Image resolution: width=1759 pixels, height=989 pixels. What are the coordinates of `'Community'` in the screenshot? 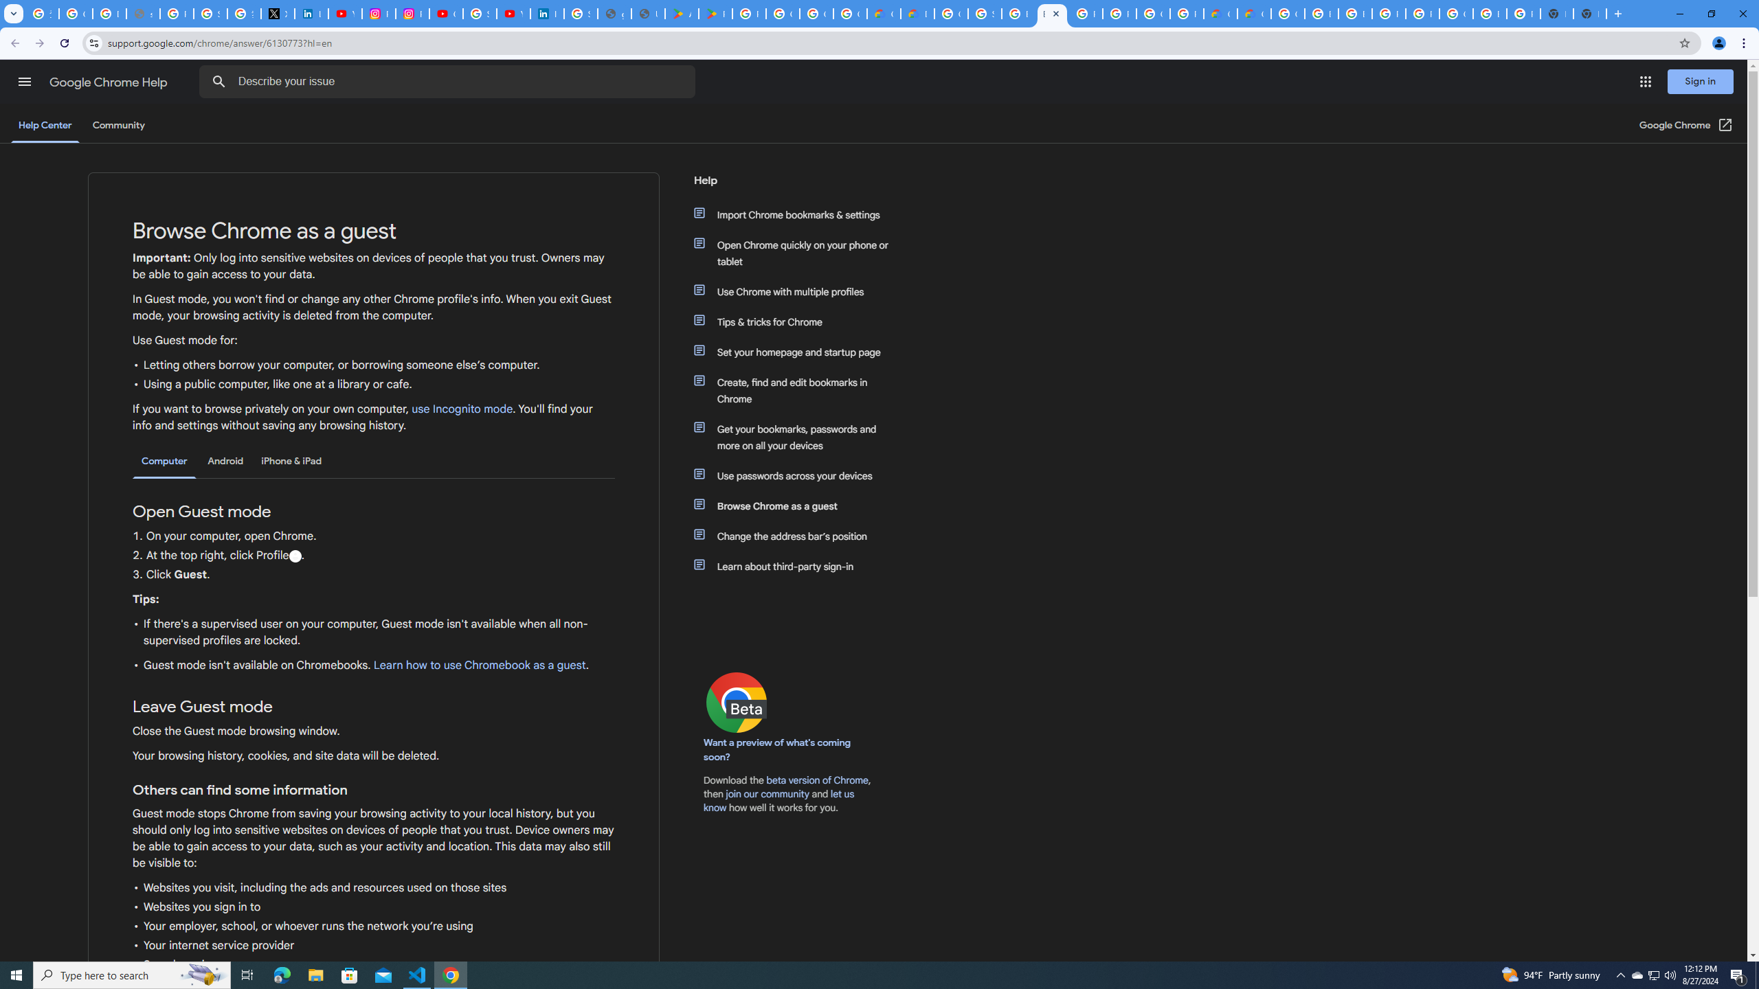 It's located at (117, 124).